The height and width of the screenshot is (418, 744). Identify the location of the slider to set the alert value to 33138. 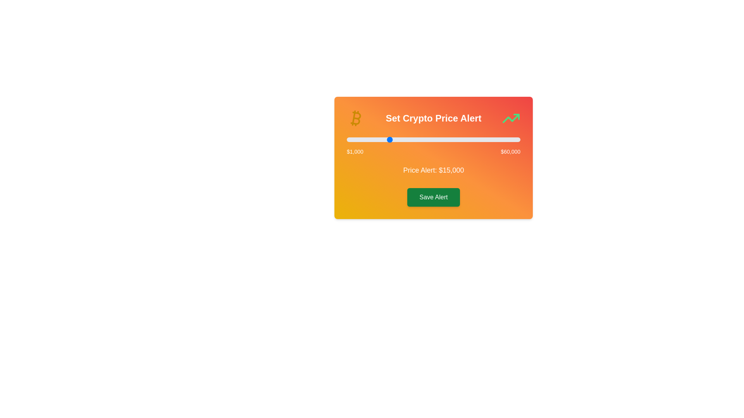
(441, 140).